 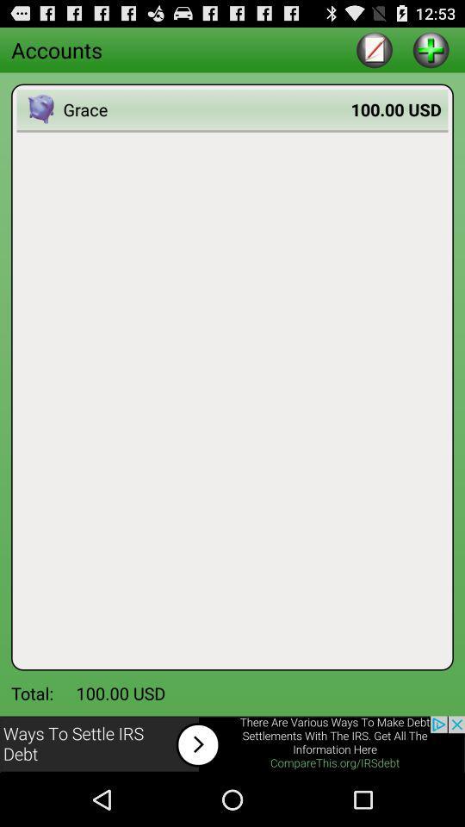 What do you see at coordinates (374, 48) in the screenshot?
I see `note the box` at bounding box center [374, 48].